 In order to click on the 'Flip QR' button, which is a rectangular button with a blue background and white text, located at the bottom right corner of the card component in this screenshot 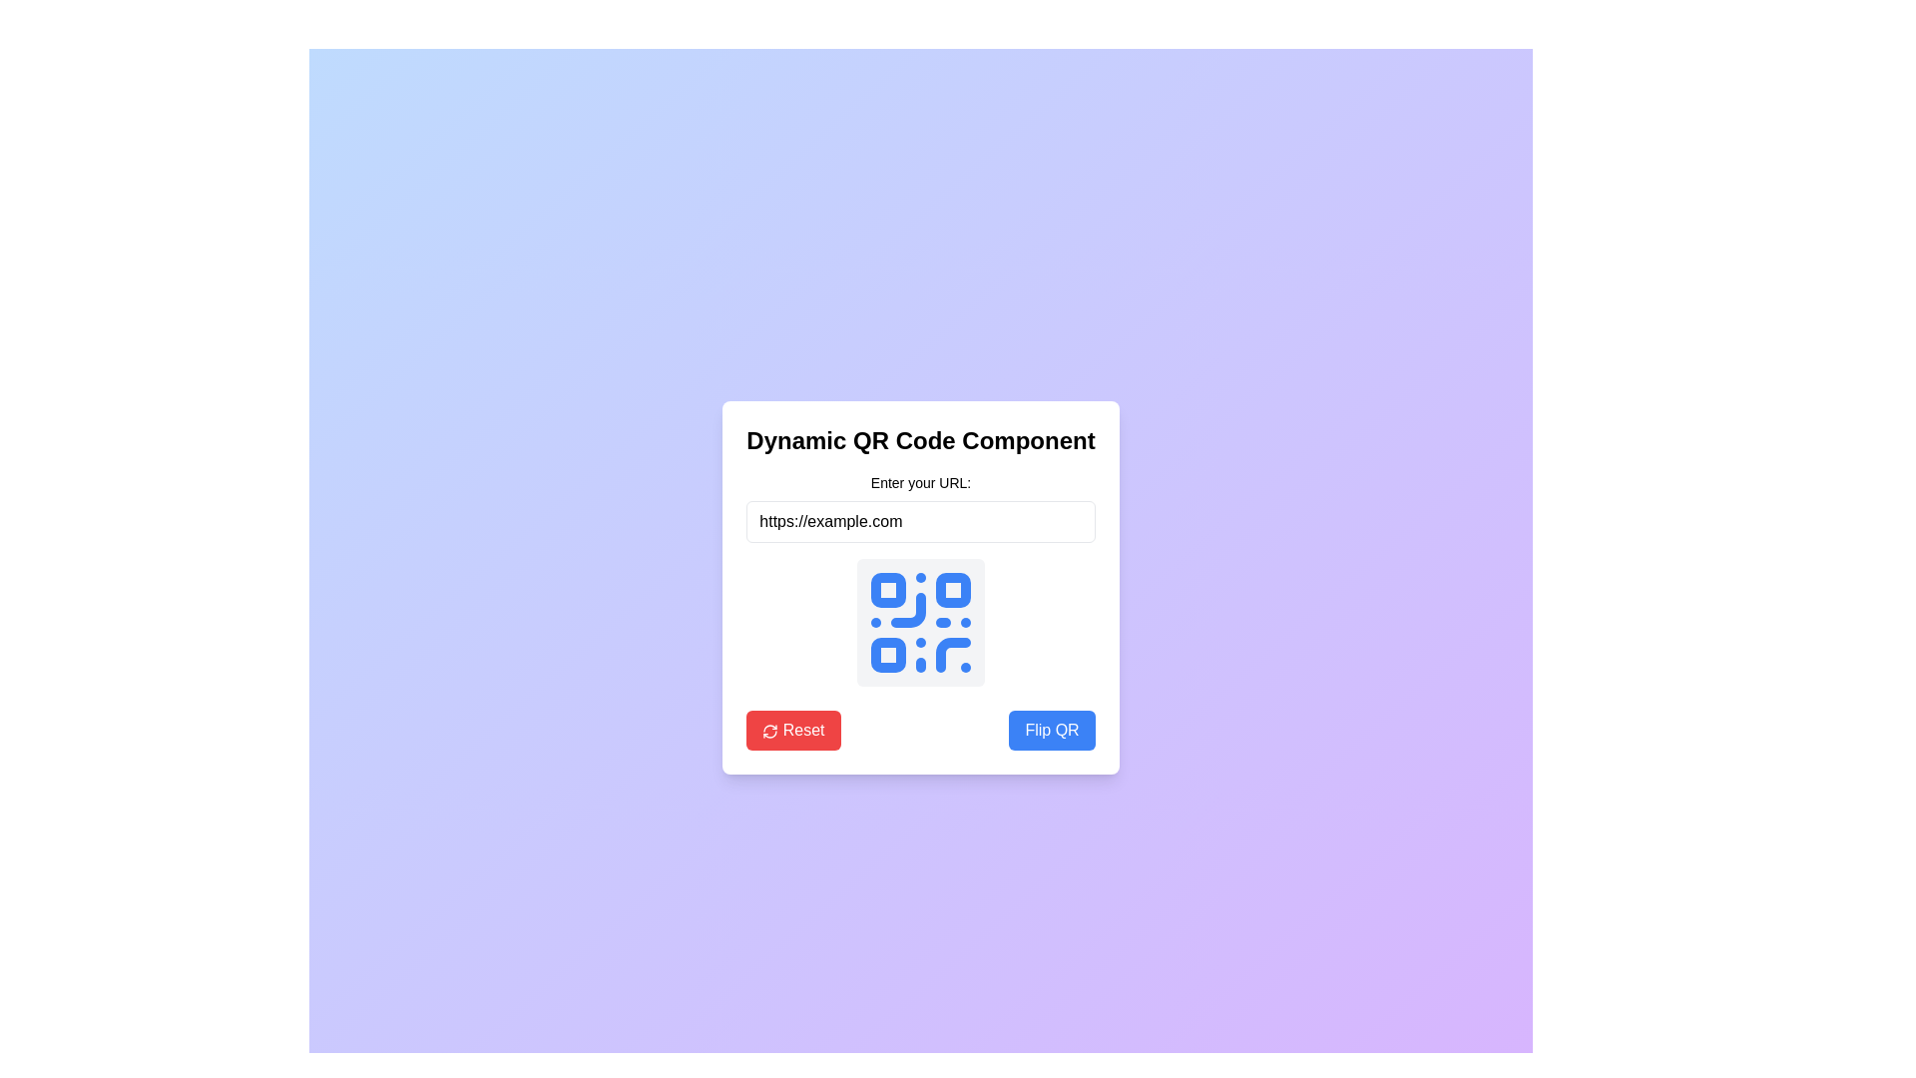, I will do `click(1051, 731)`.